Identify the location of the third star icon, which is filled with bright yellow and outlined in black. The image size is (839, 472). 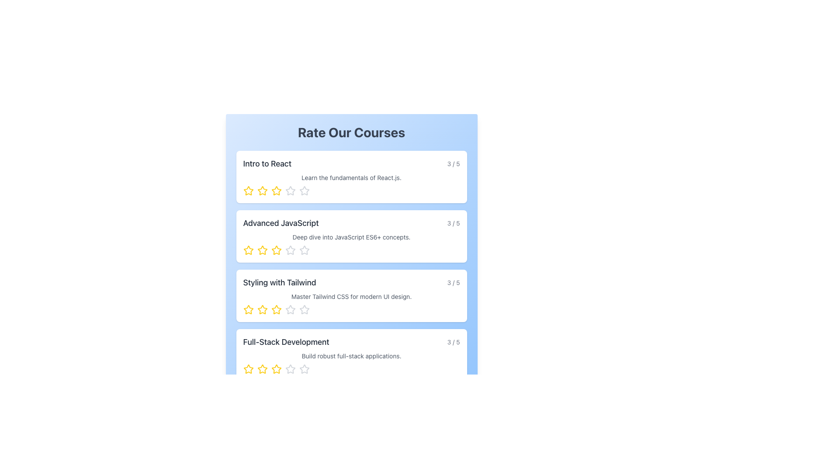
(276, 309).